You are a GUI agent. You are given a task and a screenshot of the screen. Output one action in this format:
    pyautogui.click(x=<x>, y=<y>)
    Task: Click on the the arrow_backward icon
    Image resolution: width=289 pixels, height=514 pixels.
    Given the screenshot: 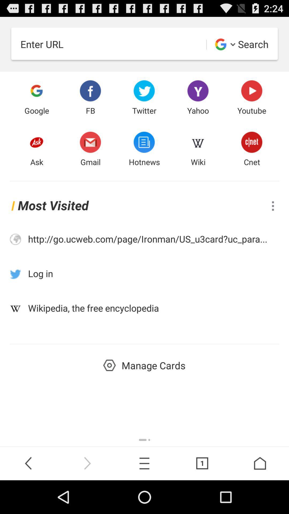 What is the action you would take?
    pyautogui.click(x=29, y=496)
    